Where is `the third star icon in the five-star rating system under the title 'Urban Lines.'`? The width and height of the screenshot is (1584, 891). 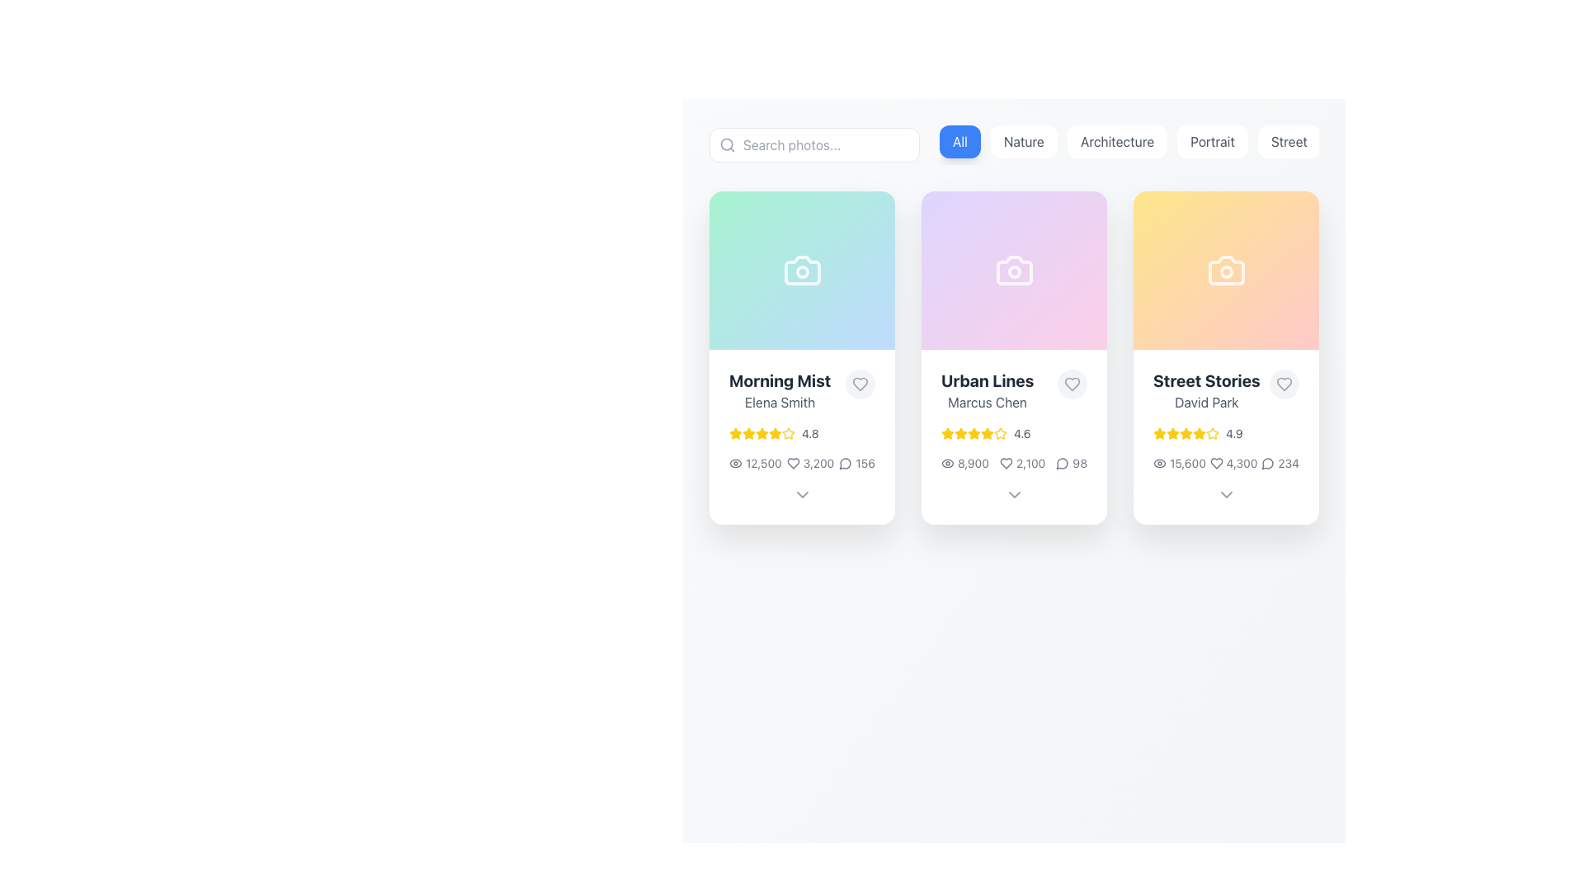 the third star icon in the five-star rating system under the title 'Urban Lines.' is located at coordinates (973, 432).